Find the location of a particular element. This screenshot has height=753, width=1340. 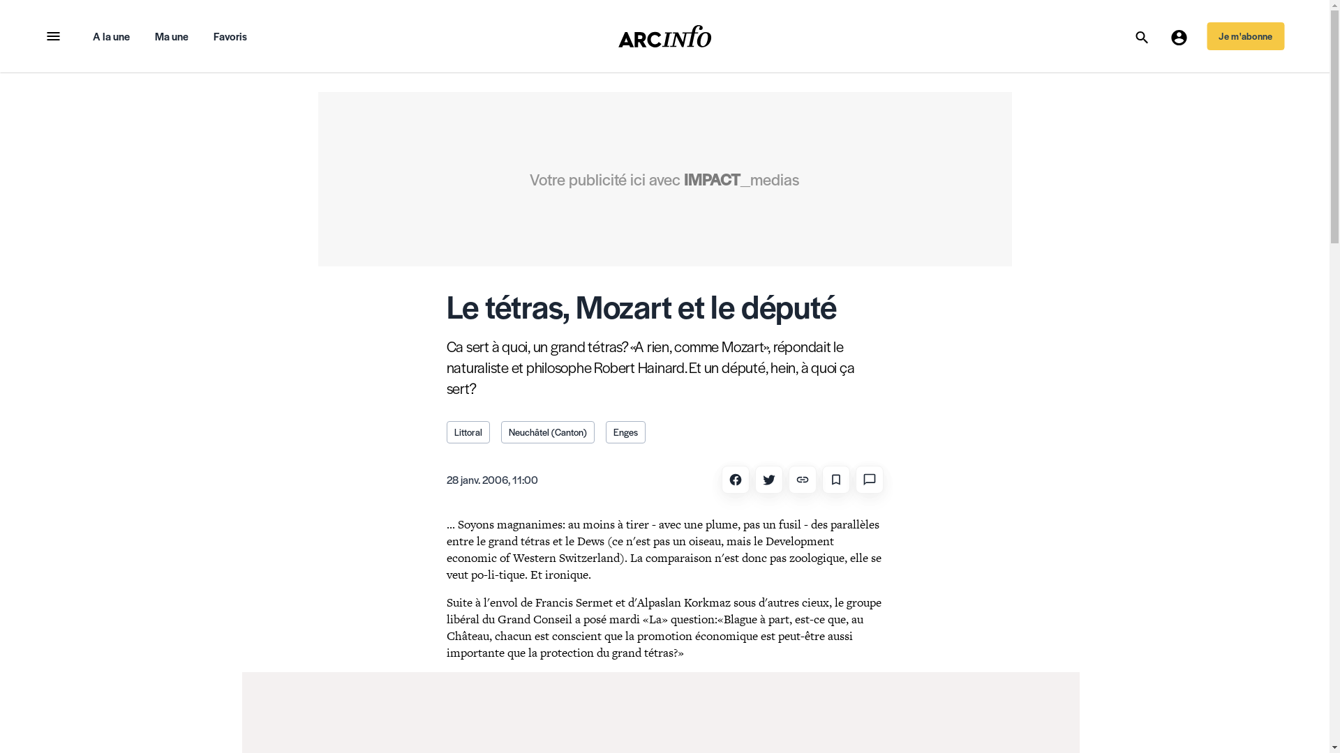

'Littoral' is located at coordinates (468, 432).